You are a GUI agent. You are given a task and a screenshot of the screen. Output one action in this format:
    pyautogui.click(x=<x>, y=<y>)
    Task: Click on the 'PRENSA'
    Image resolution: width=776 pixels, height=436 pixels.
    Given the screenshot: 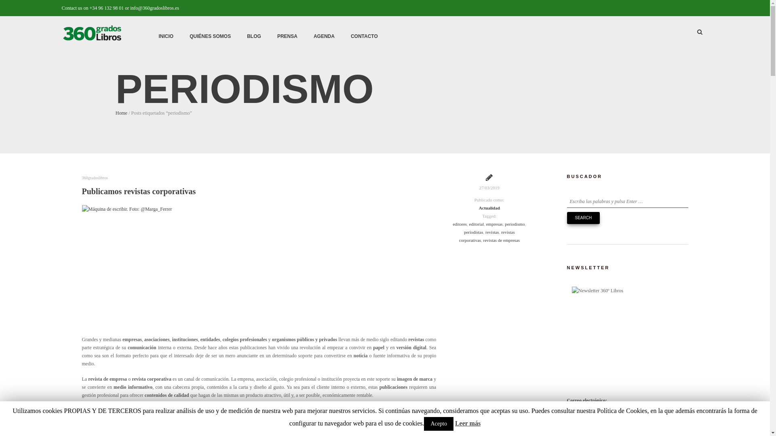 What is the action you would take?
    pyautogui.click(x=269, y=36)
    